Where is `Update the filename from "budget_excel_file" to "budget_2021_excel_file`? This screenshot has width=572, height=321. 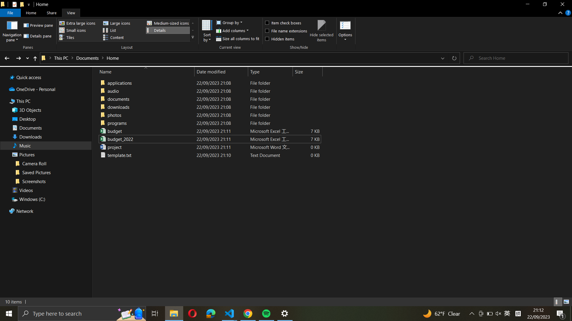 Update the filename from "budget_excel_file" to "budget_2021_excel_file is located at coordinates (209, 130).